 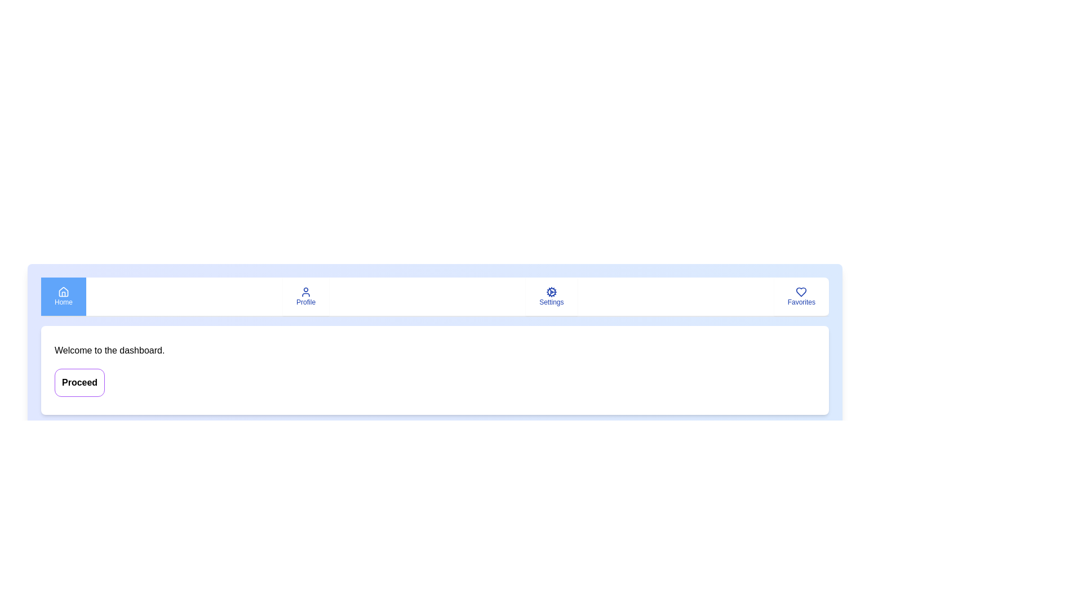 What do you see at coordinates (800, 296) in the screenshot?
I see `the tab button labeled Favorites to observe its hover effect` at bounding box center [800, 296].